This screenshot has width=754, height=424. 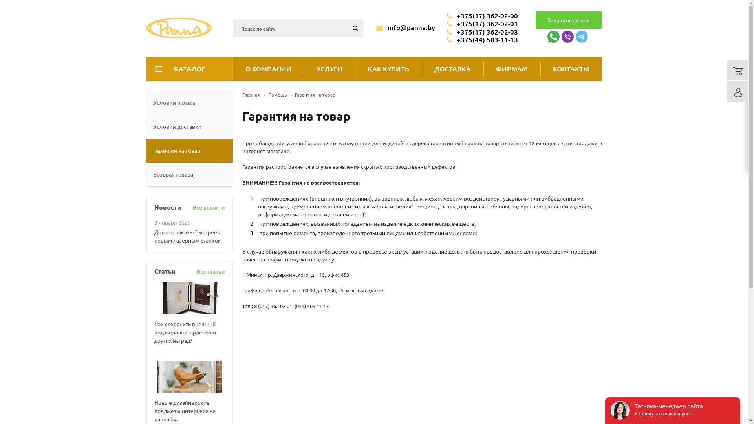 What do you see at coordinates (482, 16) in the screenshot?
I see `'+375(17) 362-02-00'` at bounding box center [482, 16].